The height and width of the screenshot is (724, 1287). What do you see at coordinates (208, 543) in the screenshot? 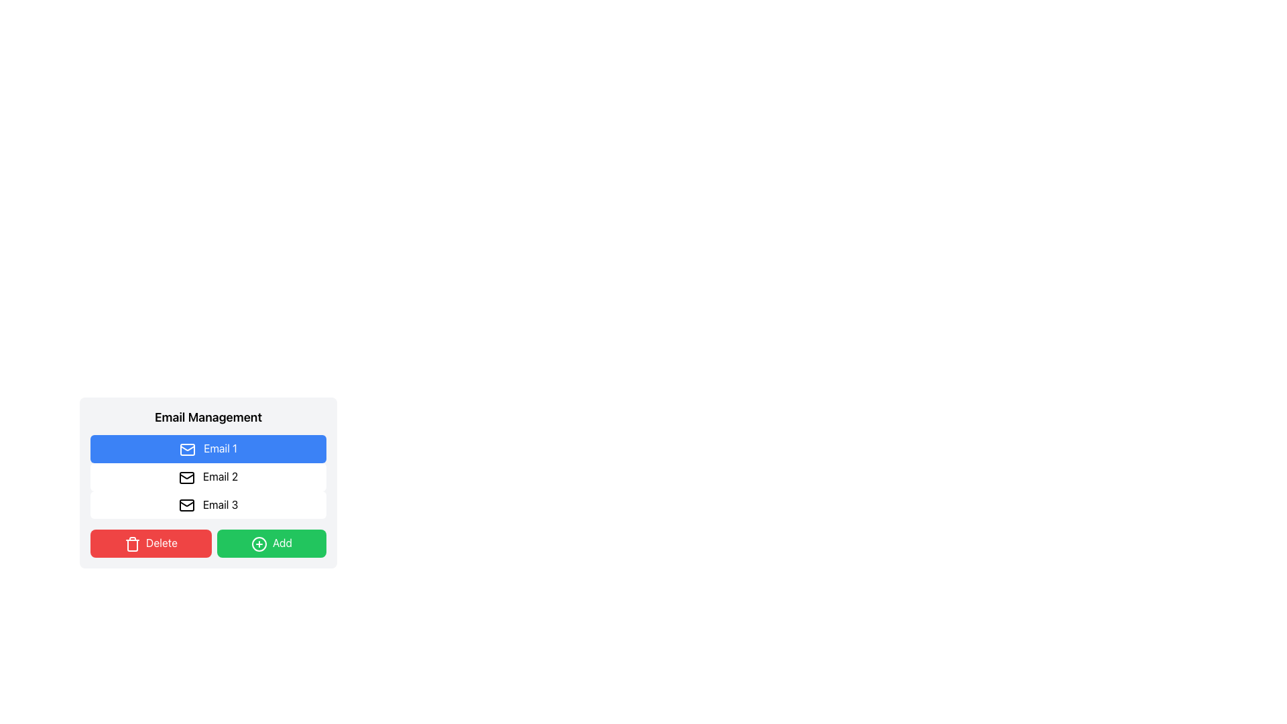
I see `the green 'Add' button located in the button group at the bottom of the 'Email Management' section` at bounding box center [208, 543].